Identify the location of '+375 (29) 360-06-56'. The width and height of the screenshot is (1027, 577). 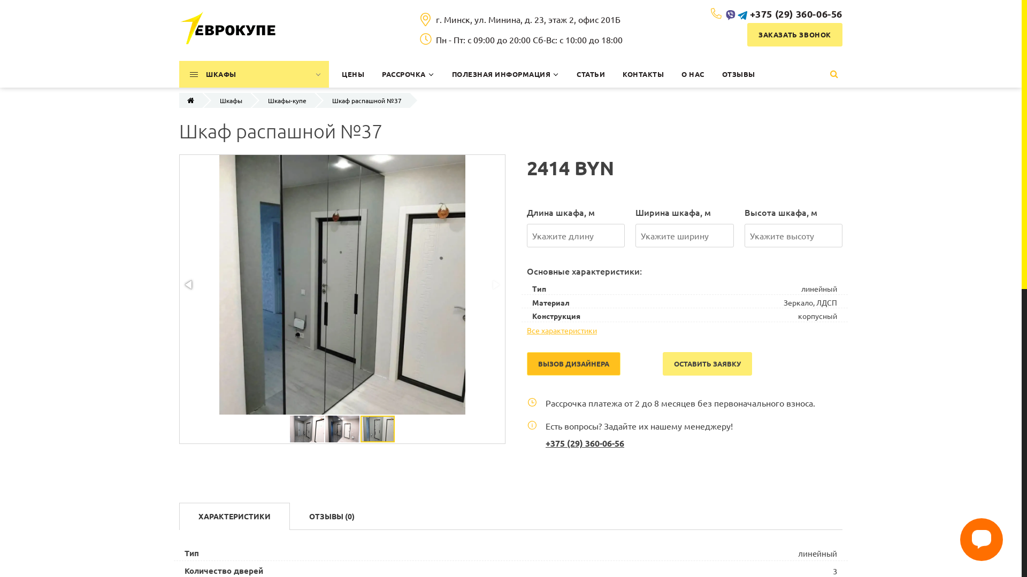
(584, 443).